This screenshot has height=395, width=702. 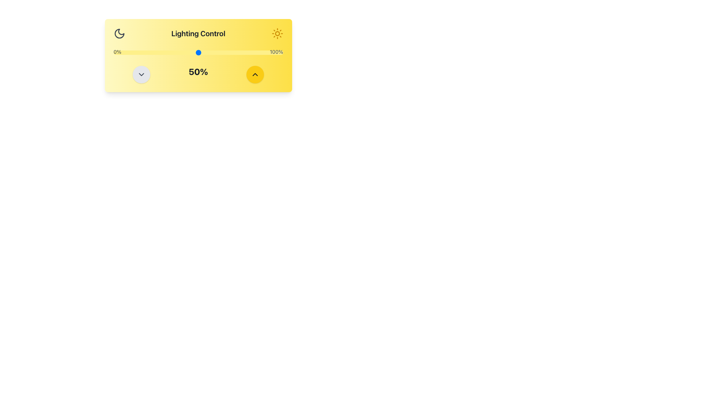 I want to click on the lighting intensity, so click(x=239, y=52).